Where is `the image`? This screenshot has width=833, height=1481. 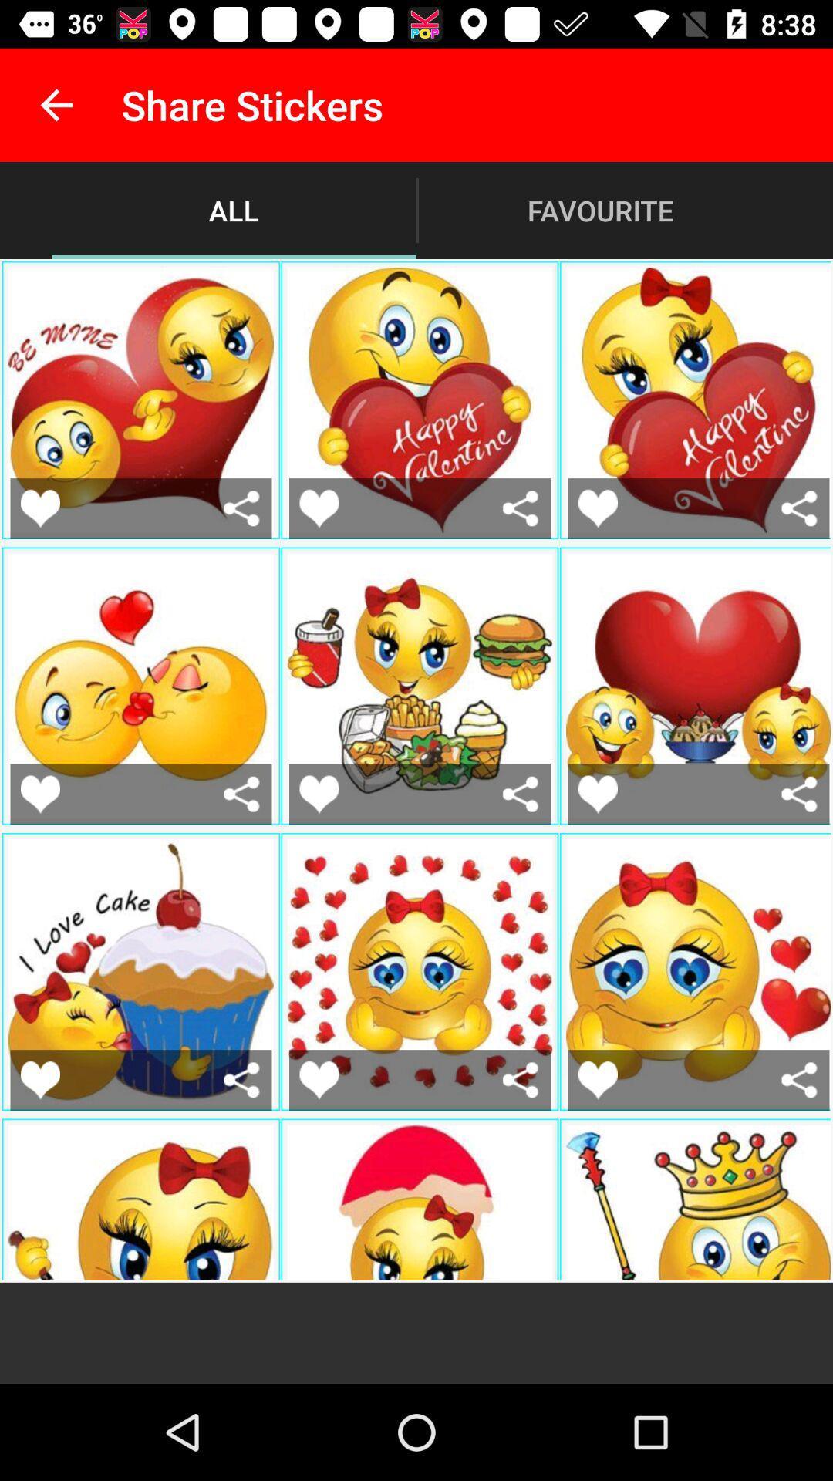
the image is located at coordinates (39, 1079).